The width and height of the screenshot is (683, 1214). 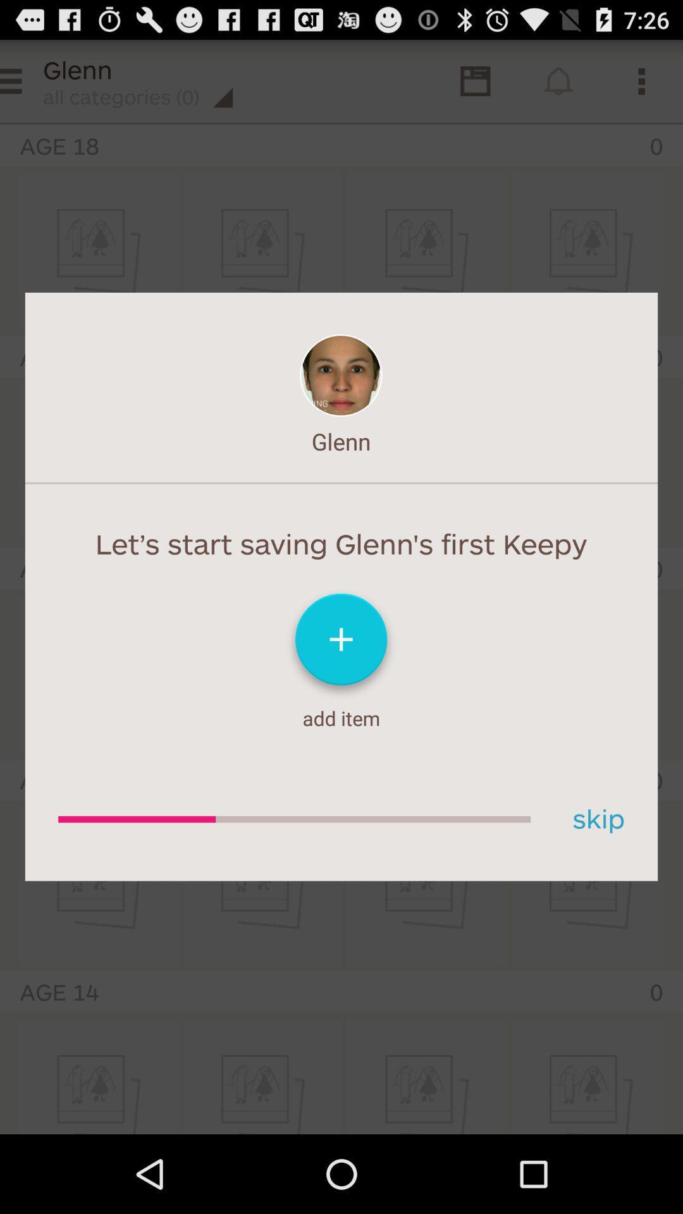 What do you see at coordinates (341, 689) in the screenshot?
I see `the add icon` at bounding box center [341, 689].